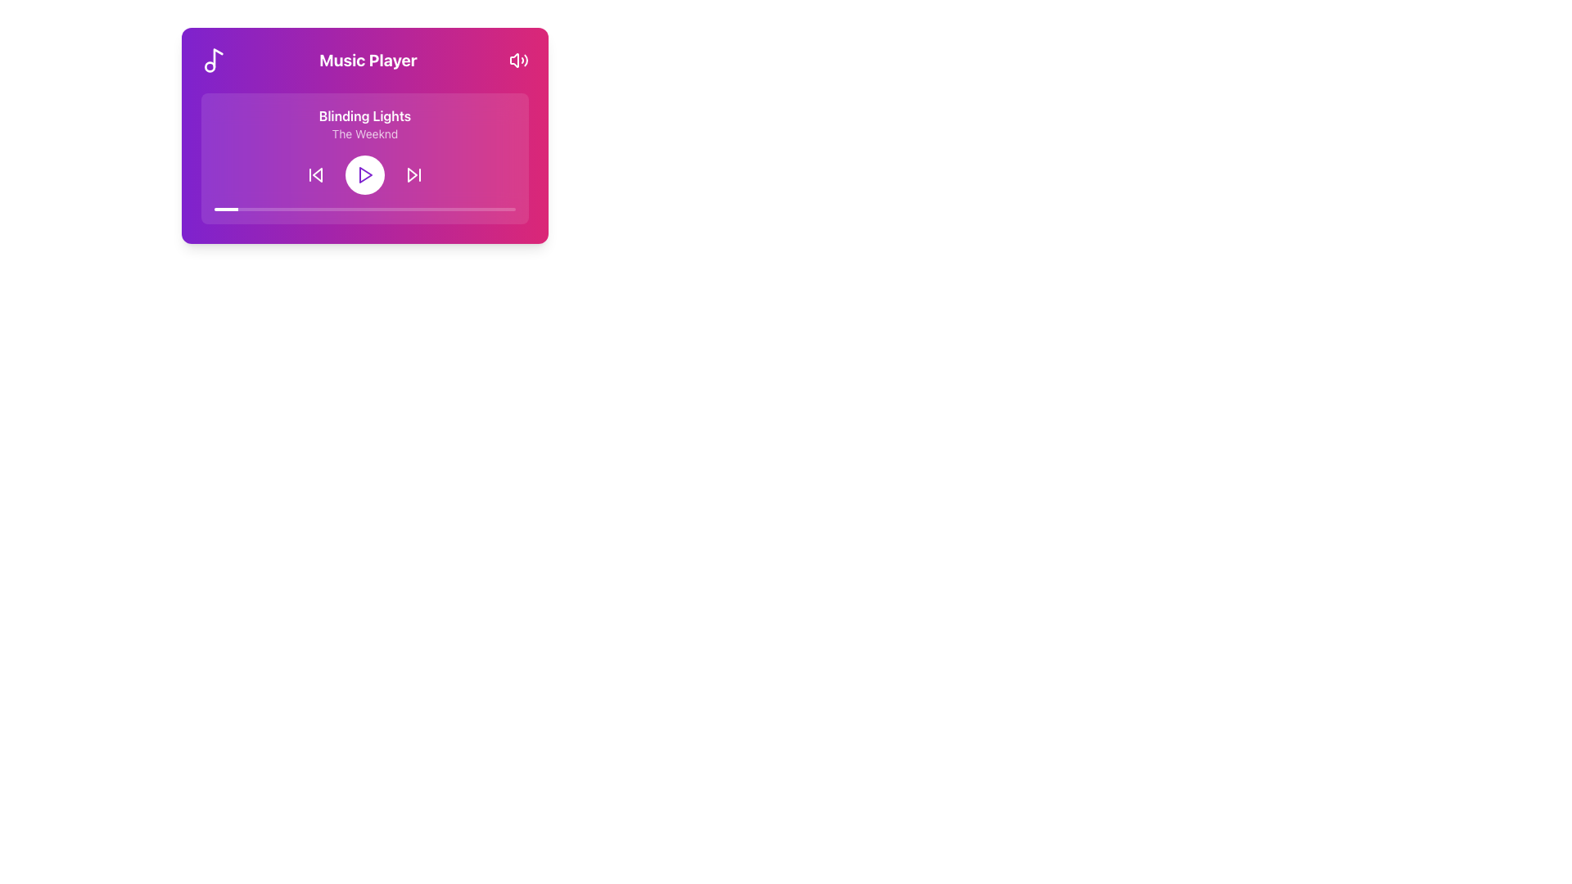  Describe the element at coordinates (413, 174) in the screenshot. I see `the third button from the right in the horizontal button group that skips to the next item in the playlist to change its appearance` at that location.